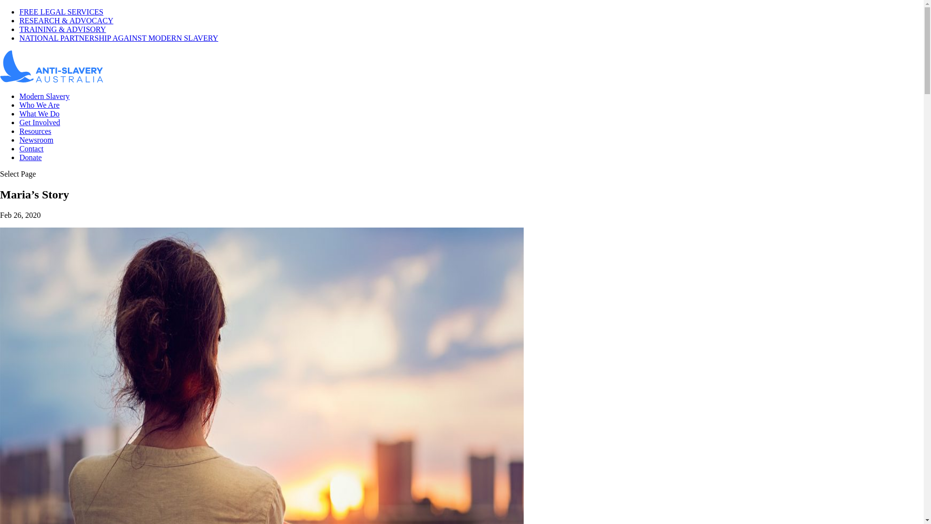  Describe the element at coordinates (30, 157) in the screenshot. I see `'Donate'` at that location.